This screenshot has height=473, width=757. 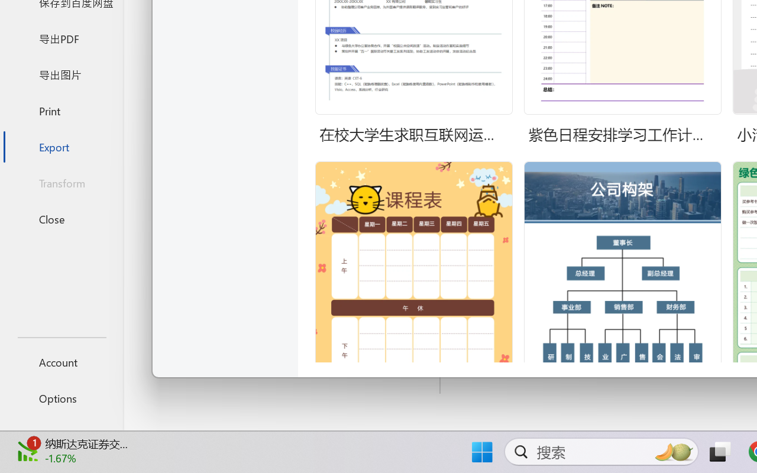 What do you see at coordinates (61, 362) in the screenshot?
I see `'Account'` at bounding box center [61, 362].